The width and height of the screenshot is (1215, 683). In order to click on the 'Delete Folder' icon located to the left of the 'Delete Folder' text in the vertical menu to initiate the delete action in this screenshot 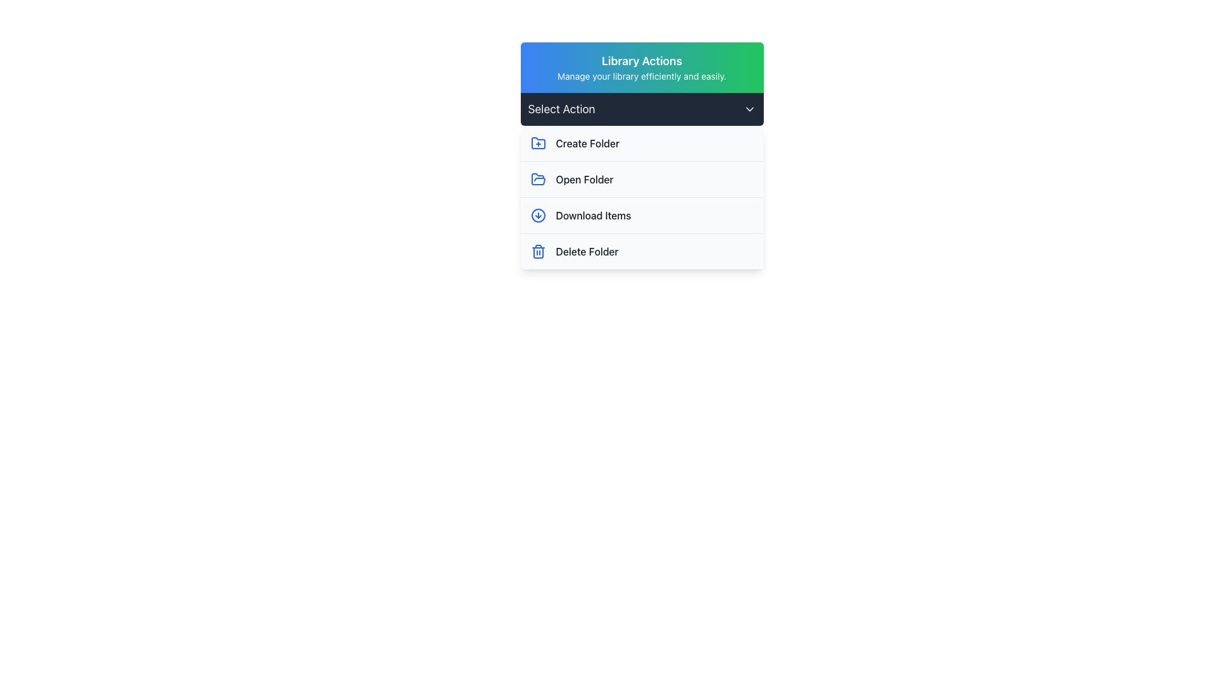, I will do `click(538, 251)`.